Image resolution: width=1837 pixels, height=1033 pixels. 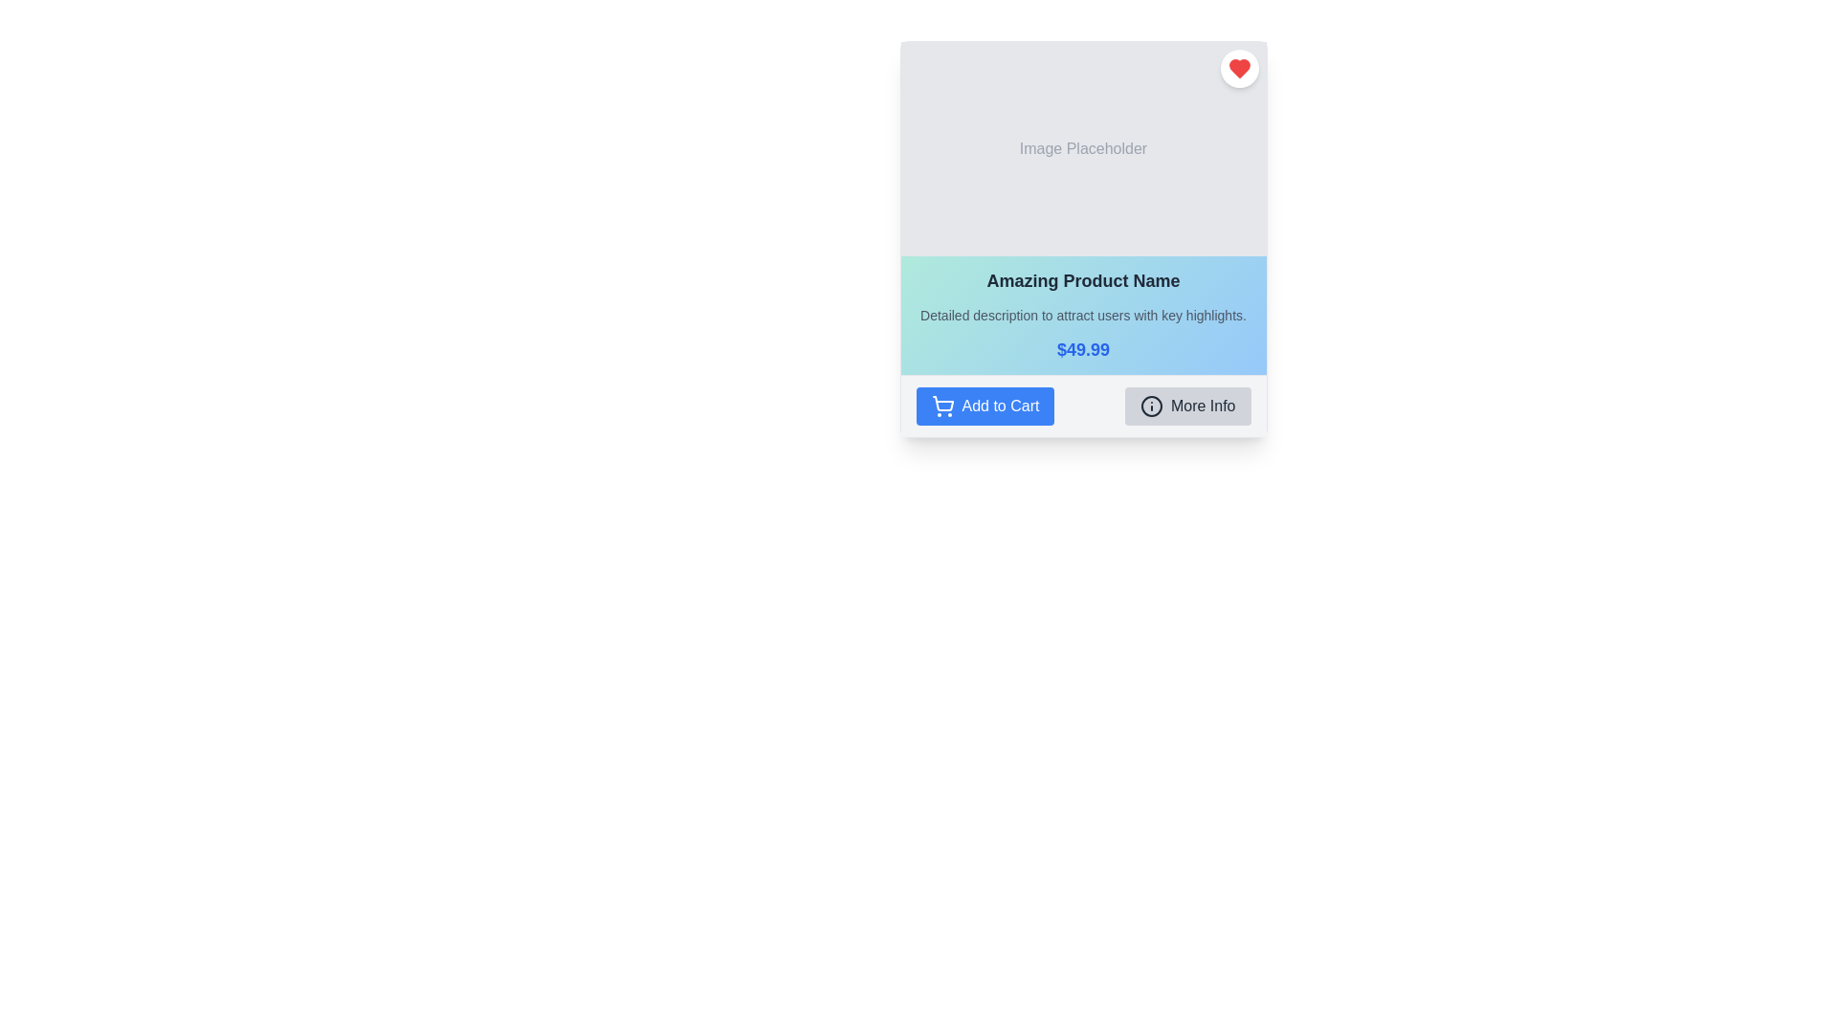 I want to click on the heart icon in the top-right corner of the card to mark the associated item as a favorite, so click(x=1239, y=68).